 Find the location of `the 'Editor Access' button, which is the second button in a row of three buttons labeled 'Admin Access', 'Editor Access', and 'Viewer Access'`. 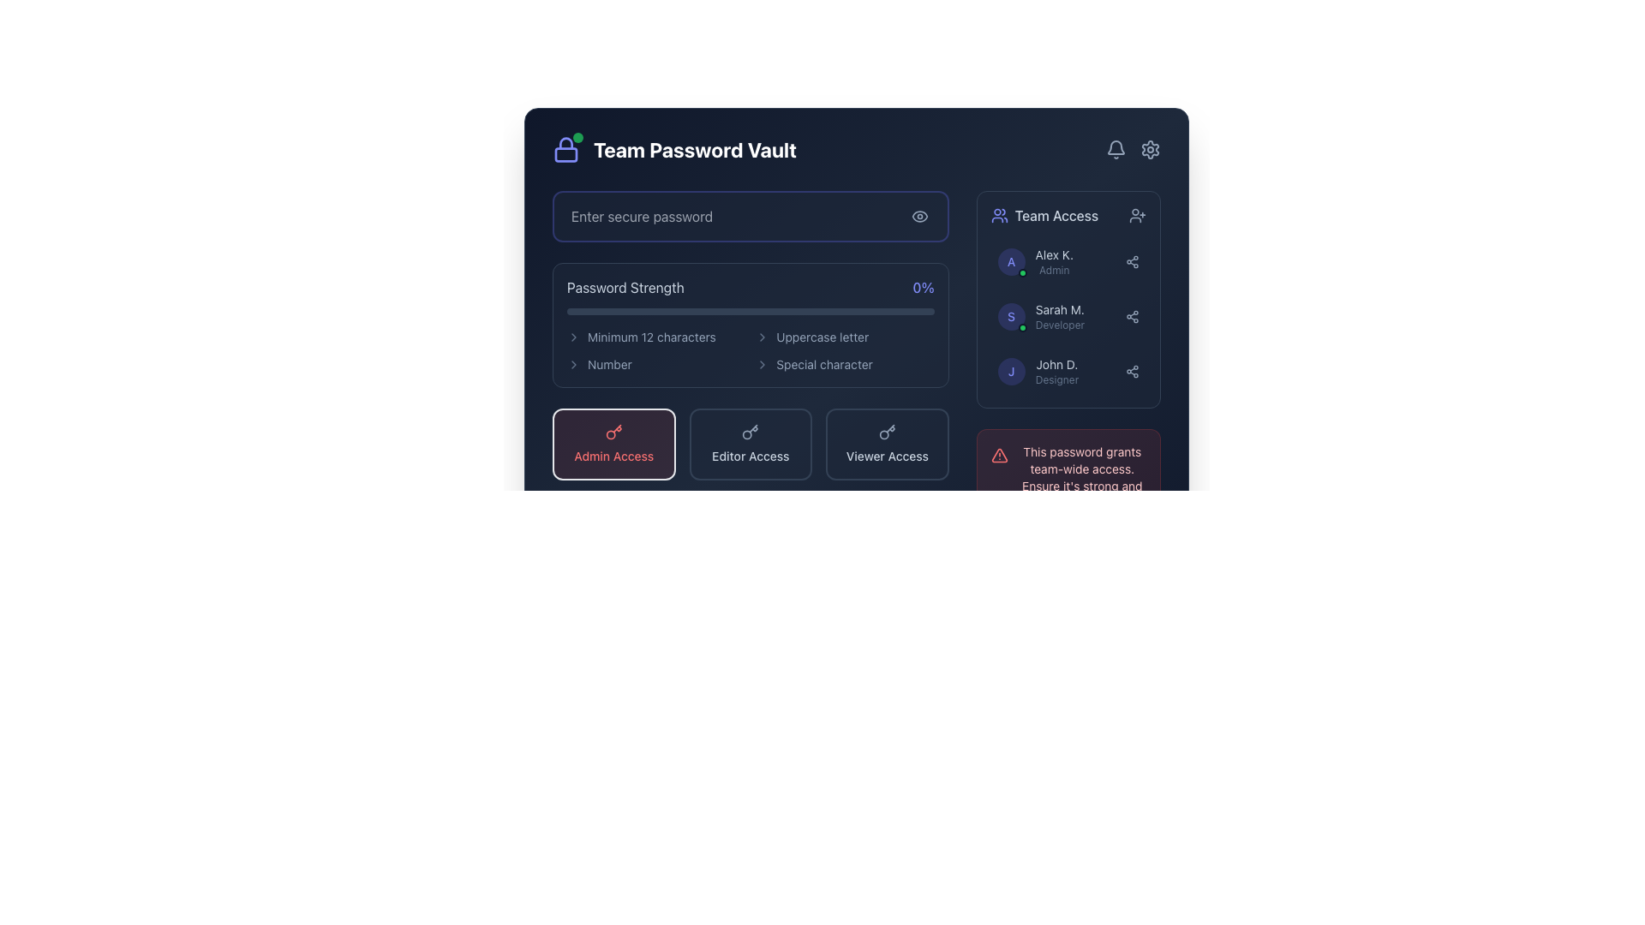

the 'Editor Access' button, which is the second button in a row of three buttons labeled 'Admin Access', 'Editor Access', and 'Viewer Access' is located at coordinates (751, 444).